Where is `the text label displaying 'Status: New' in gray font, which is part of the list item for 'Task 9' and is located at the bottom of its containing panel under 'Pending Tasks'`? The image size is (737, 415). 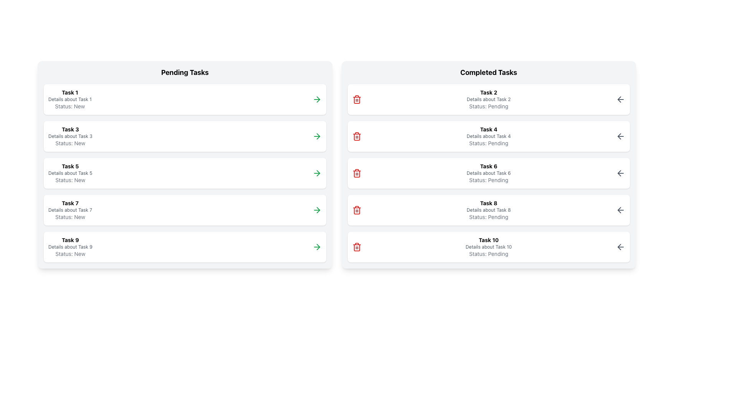 the text label displaying 'Status: New' in gray font, which is part of the list item for 'Task 9' and is located at the bottom of its containing panel under 'Pending Tasks' is located at coordinates (70, 254).